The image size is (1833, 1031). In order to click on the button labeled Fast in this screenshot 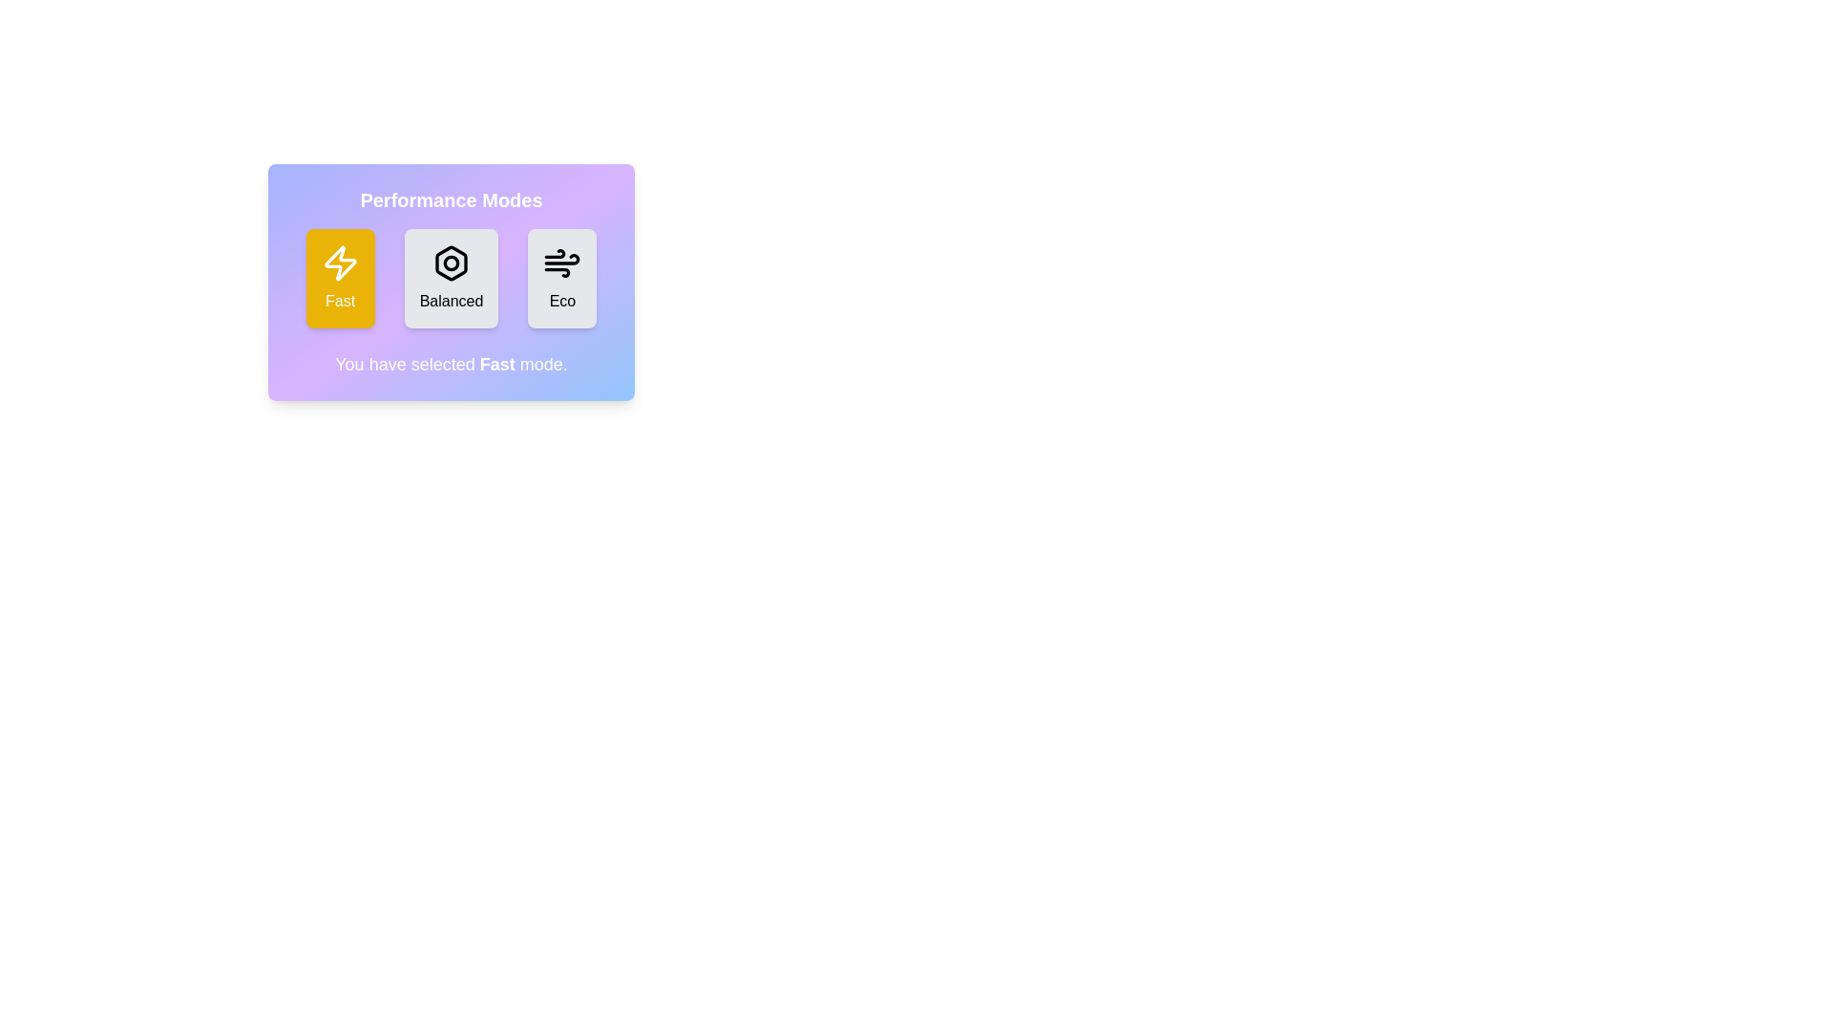, I will do `click(340, 279)`.